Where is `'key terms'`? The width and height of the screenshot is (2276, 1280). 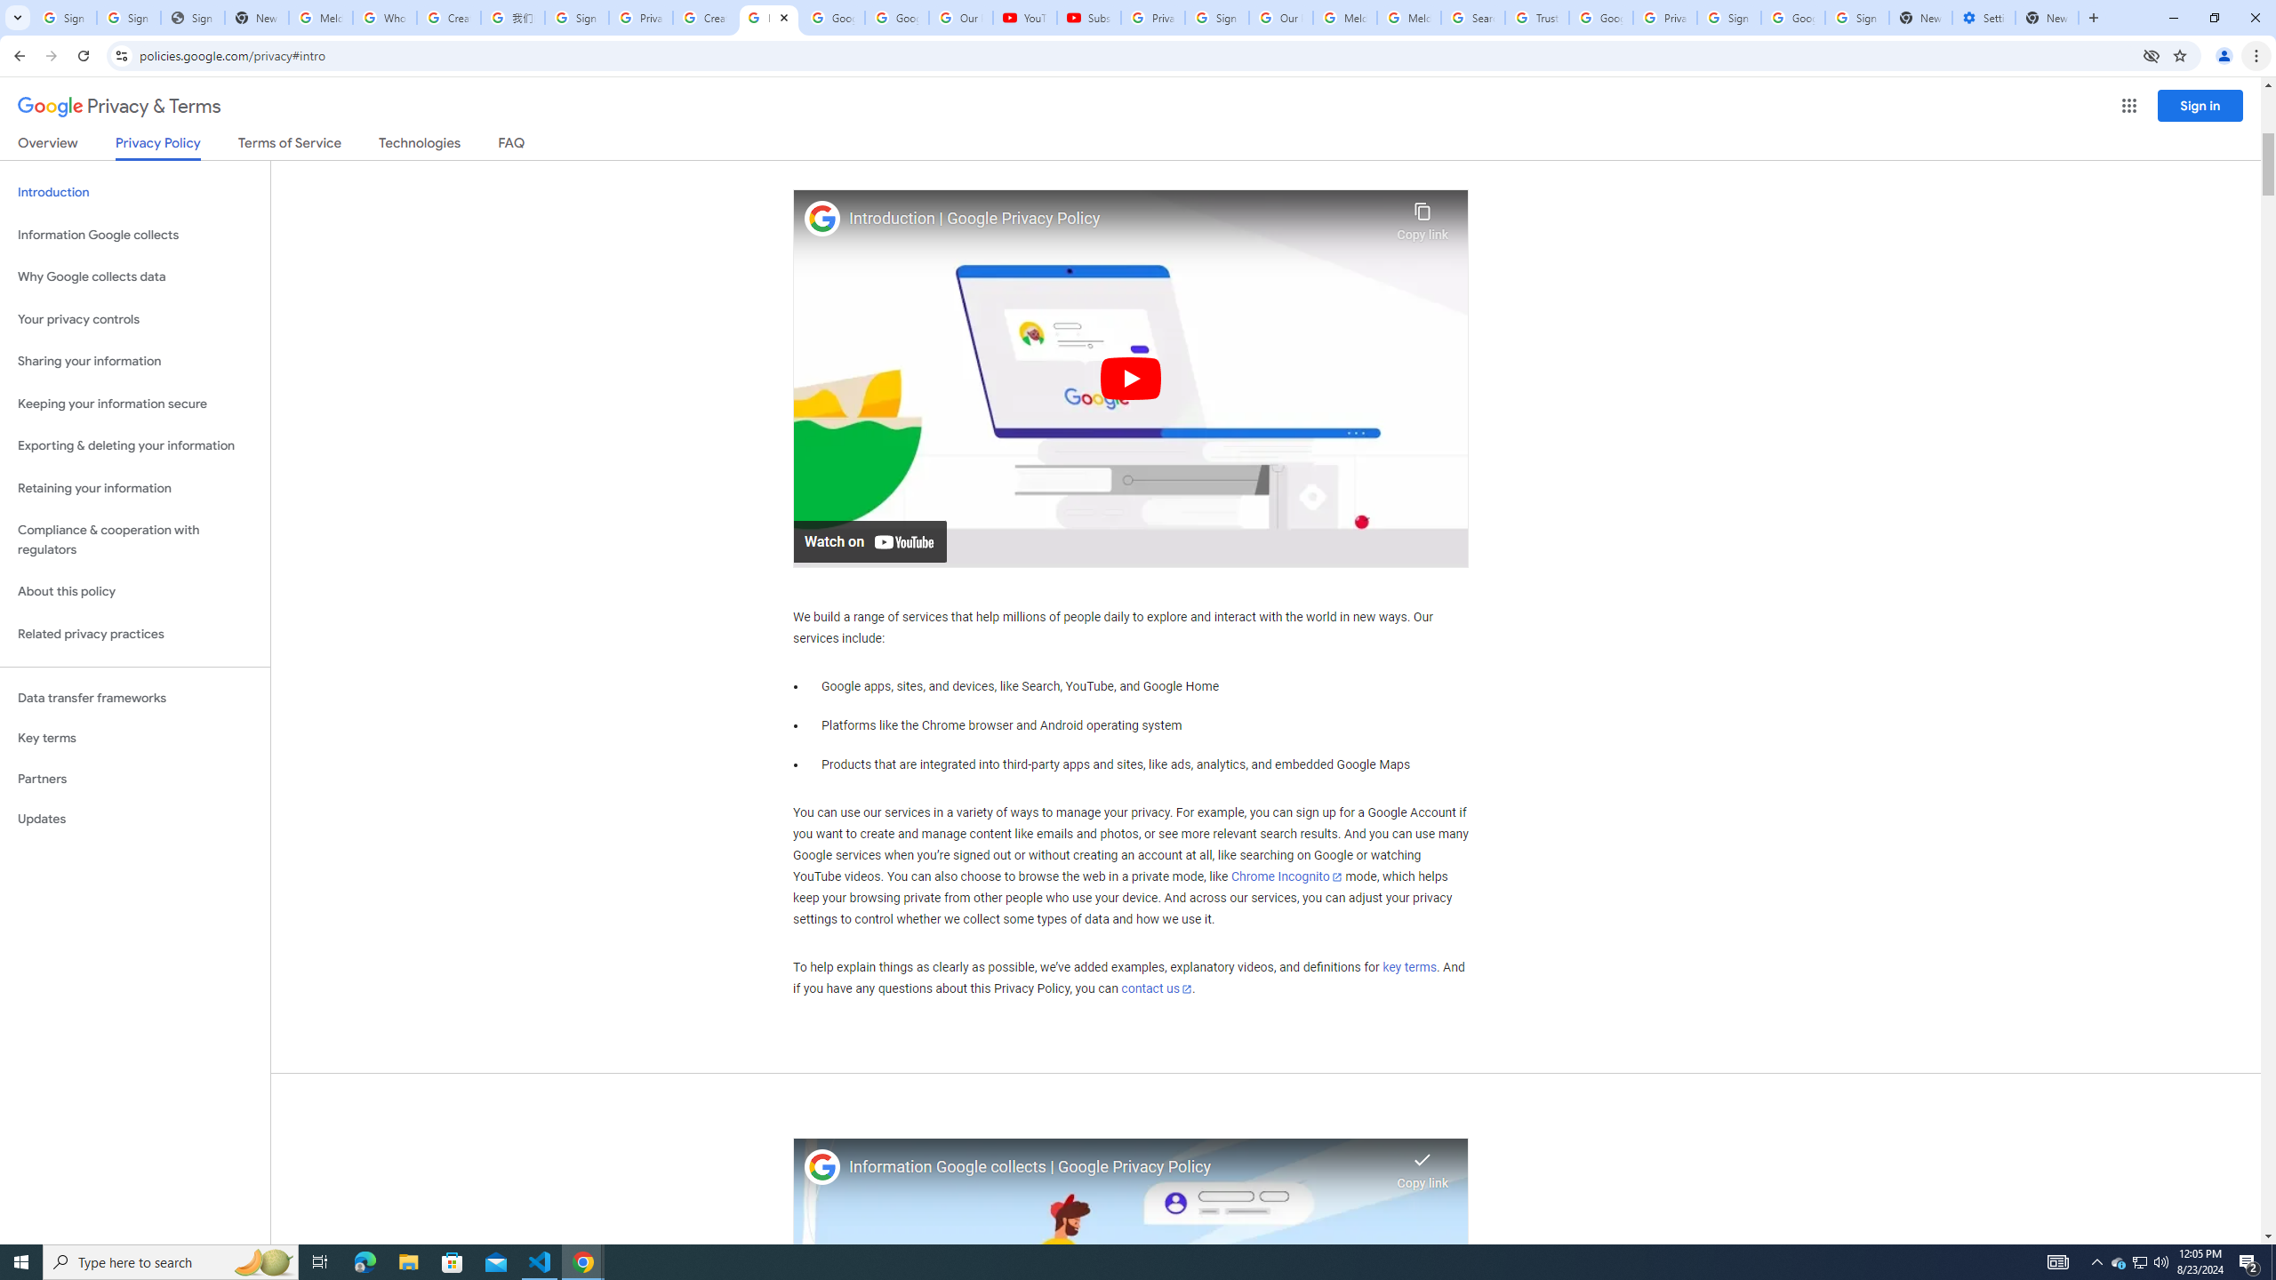 'key terms' is located at coordinates (1407, 966).